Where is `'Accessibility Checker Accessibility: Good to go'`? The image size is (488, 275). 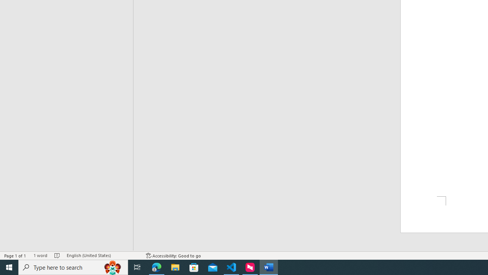
'Accessibility Checker Accessibility: Good to go' is located at coordinates (173, 256).